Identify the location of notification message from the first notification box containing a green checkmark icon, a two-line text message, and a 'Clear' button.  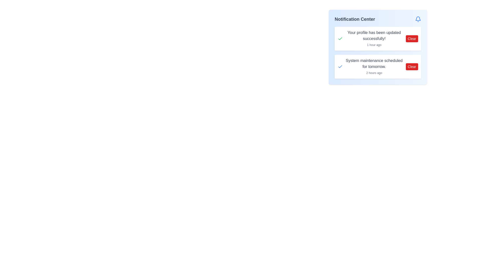
(378, 38).